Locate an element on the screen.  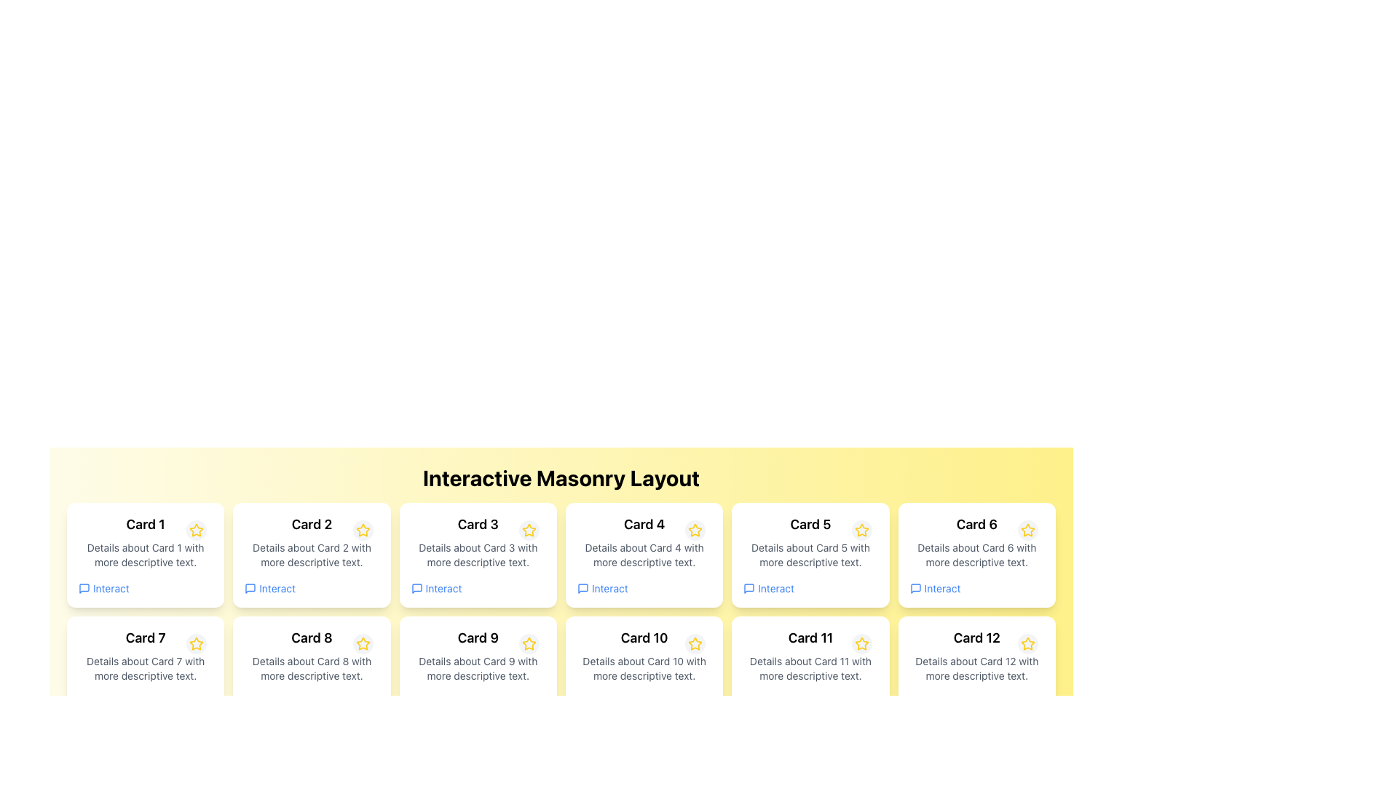
text content from the title or header Text Display located in the top-left card of the grid layout is located at coordinates (146, 525).